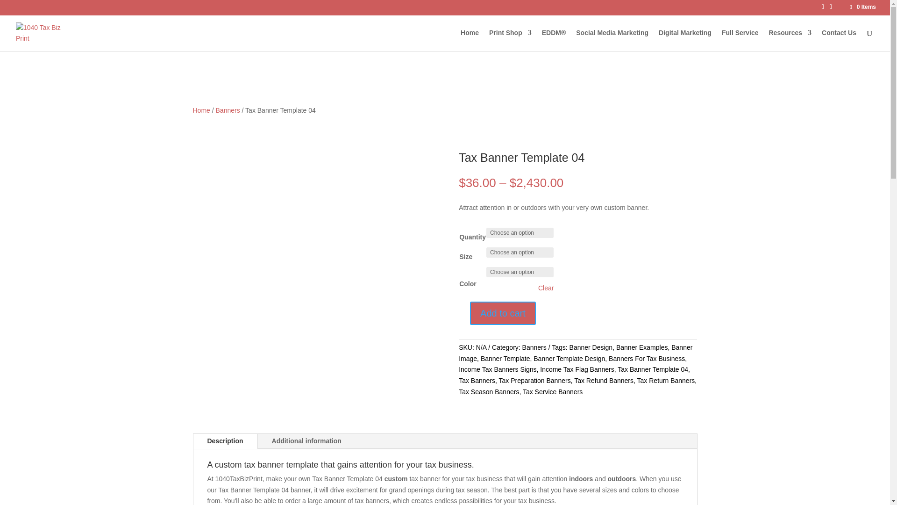 The width and height of the screenshot is (897, 505). What do you see at coordinates (470, 40) in the screenshot?
I see `'Home'` at bounding box center [470, 40].